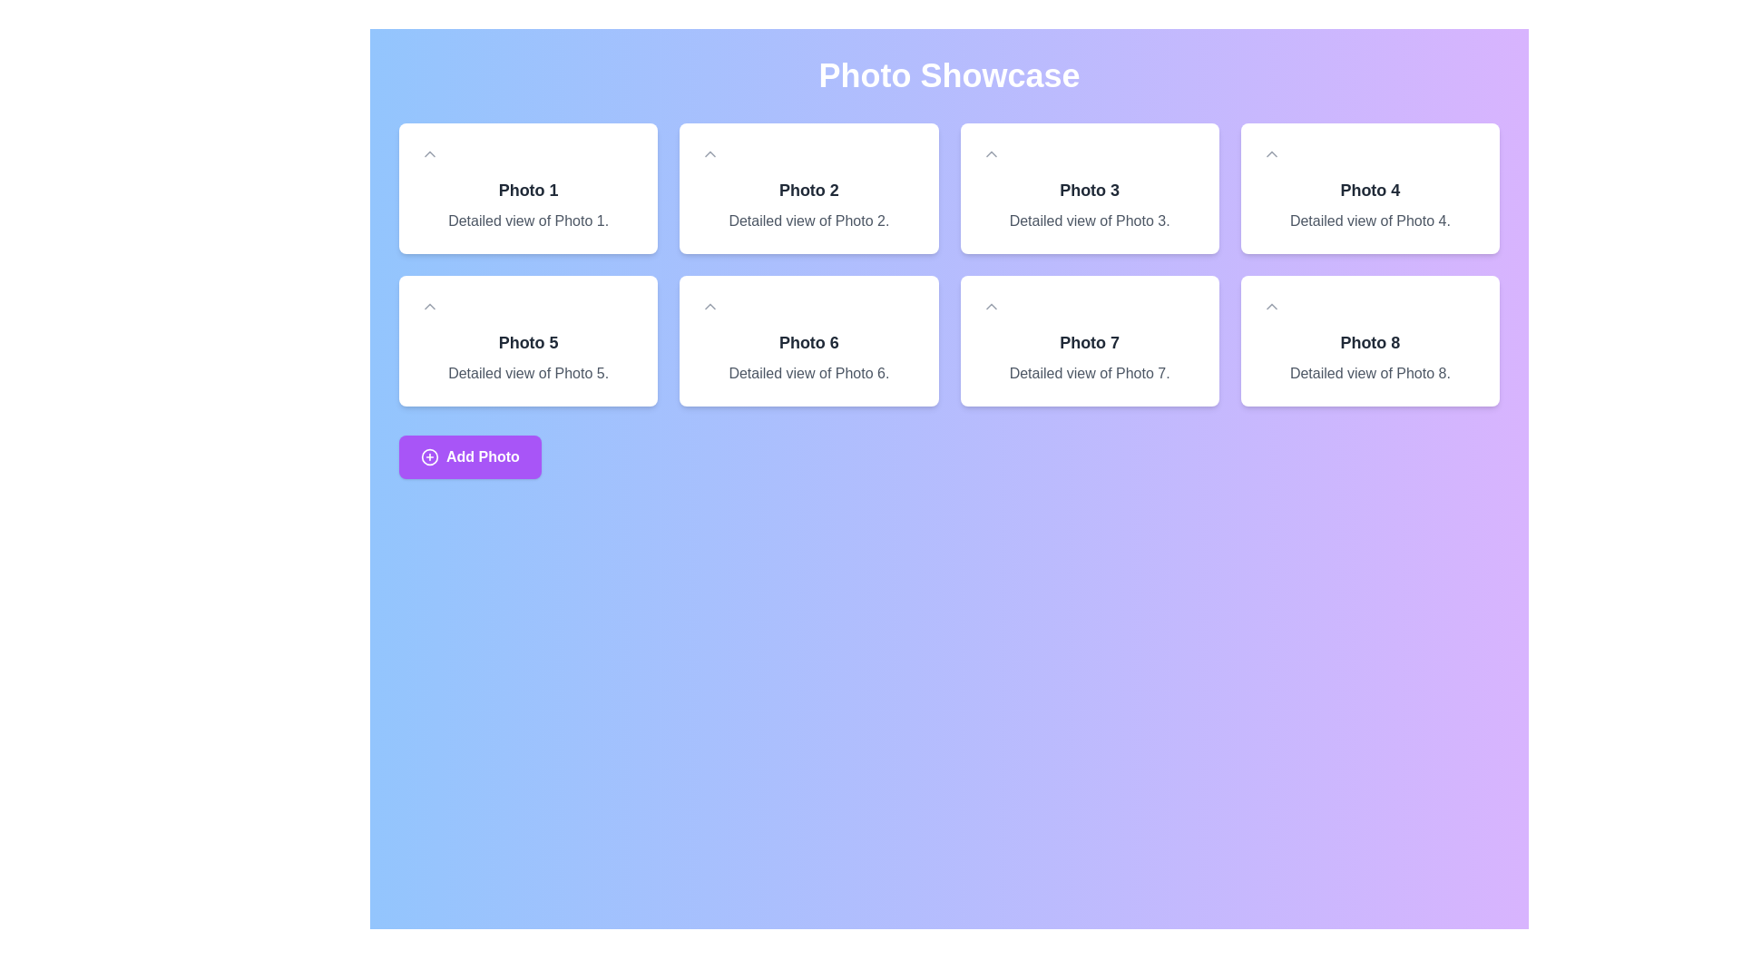 The height and width of the screenshot is (980, 1742). Describe the element at coordinates (527, 189) in the screenshot. I see `the Card displaying 'Photo 1' for navigation purposes` at that location.